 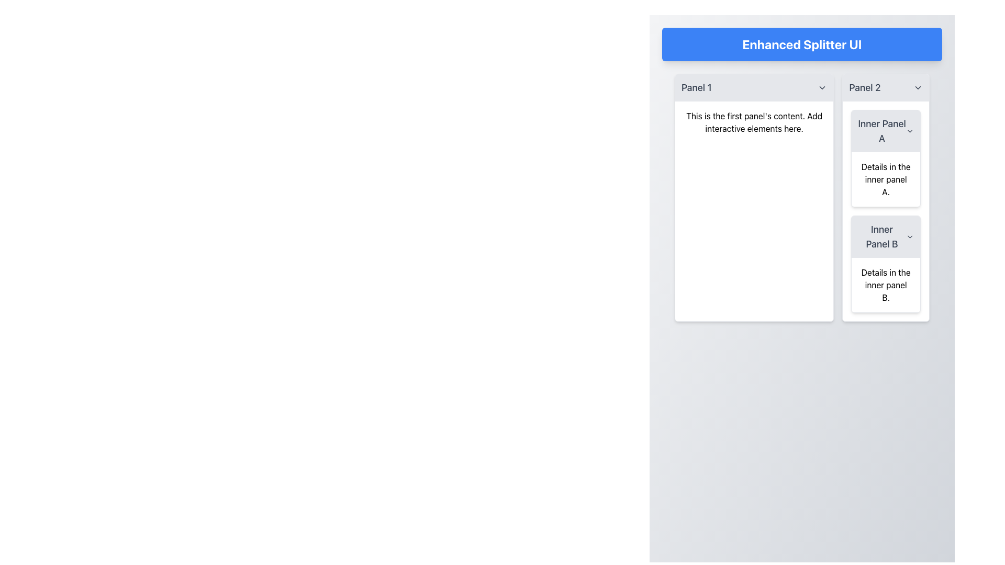 I want to click on the downward-pointing chevron icon styled in gray, located at the far-right end of the 'Panel 2' header bar, so click(x=917, y=87).